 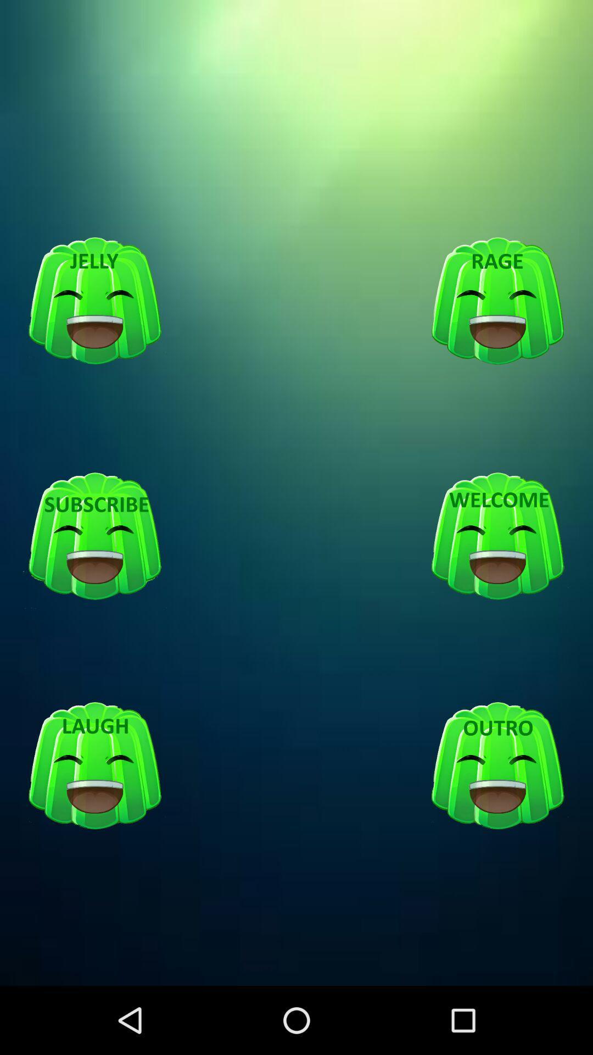 I want to click on rage option, so click(x=497, y=301).